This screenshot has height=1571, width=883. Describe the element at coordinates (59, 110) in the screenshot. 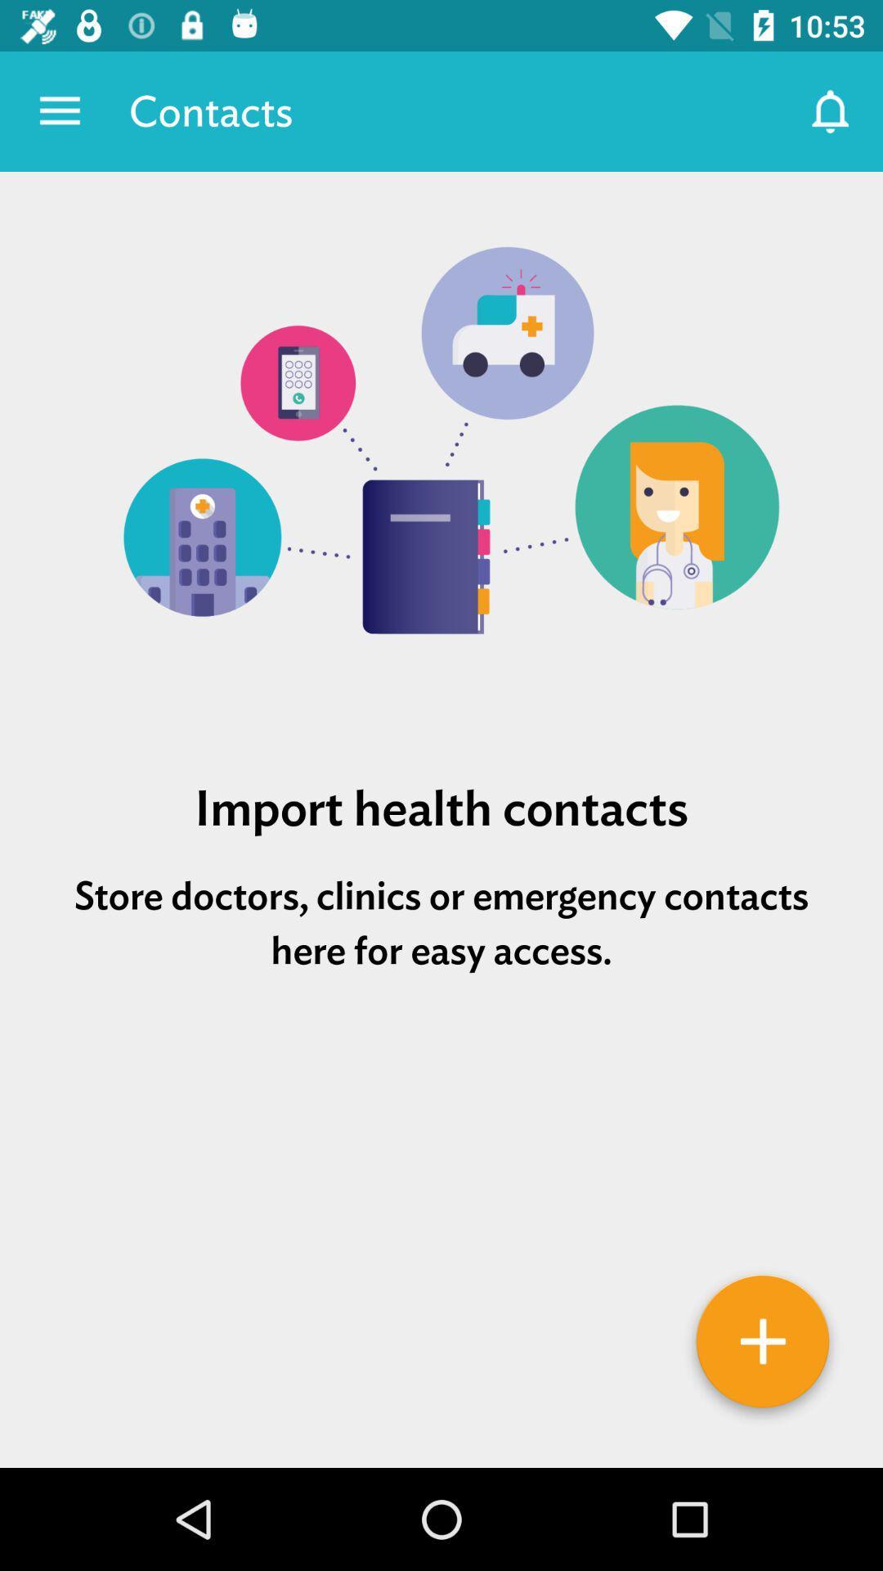

I see `icon to the left of the contacts icon` at that location.